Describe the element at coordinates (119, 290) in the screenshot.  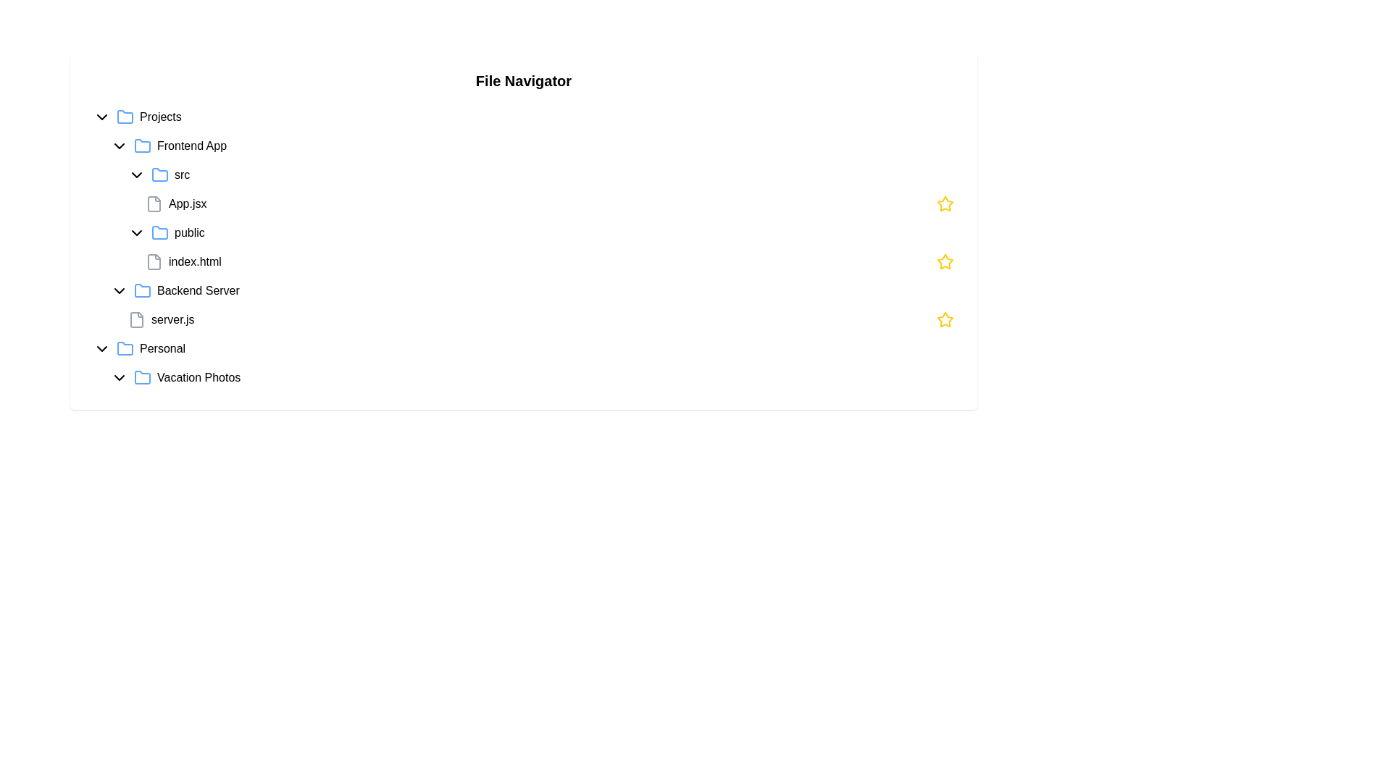
I see `the Dropdown indicator (chevron icon) on the left side of the 'Backend Server' entry` at that location.